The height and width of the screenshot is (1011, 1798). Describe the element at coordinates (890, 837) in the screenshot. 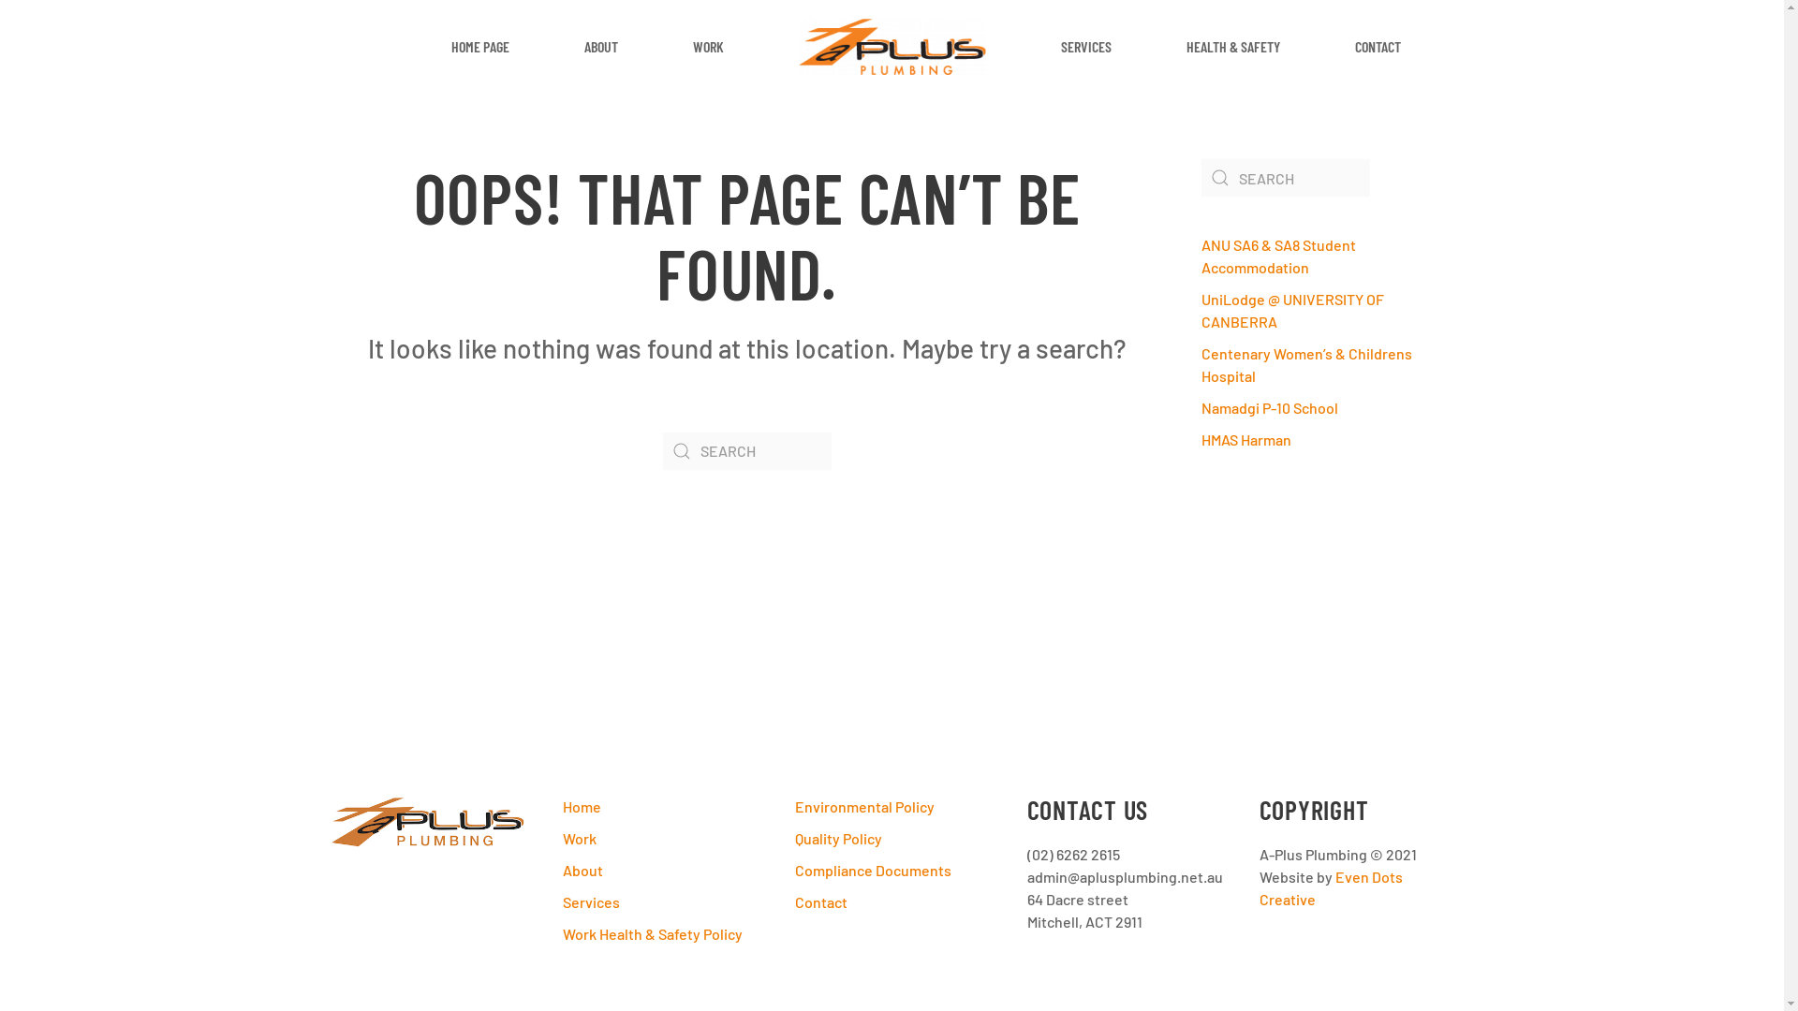

I see `'Quality Policy'` at that location.